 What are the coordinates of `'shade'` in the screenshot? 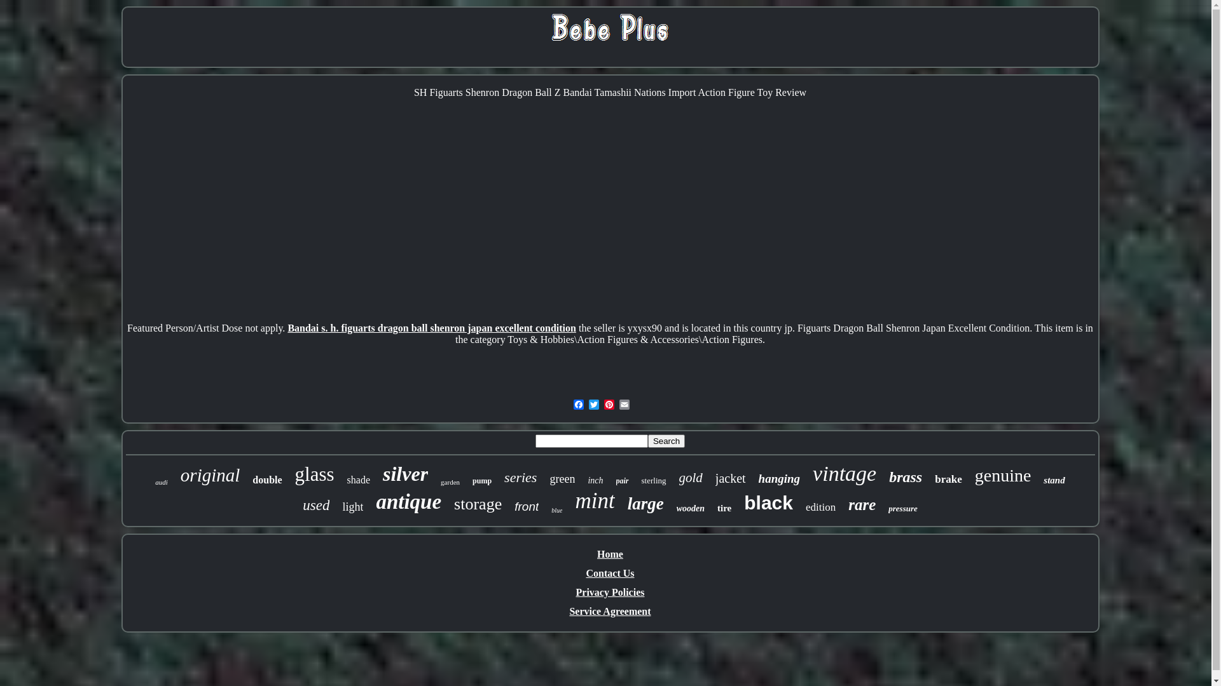 It's located at (347, 480).